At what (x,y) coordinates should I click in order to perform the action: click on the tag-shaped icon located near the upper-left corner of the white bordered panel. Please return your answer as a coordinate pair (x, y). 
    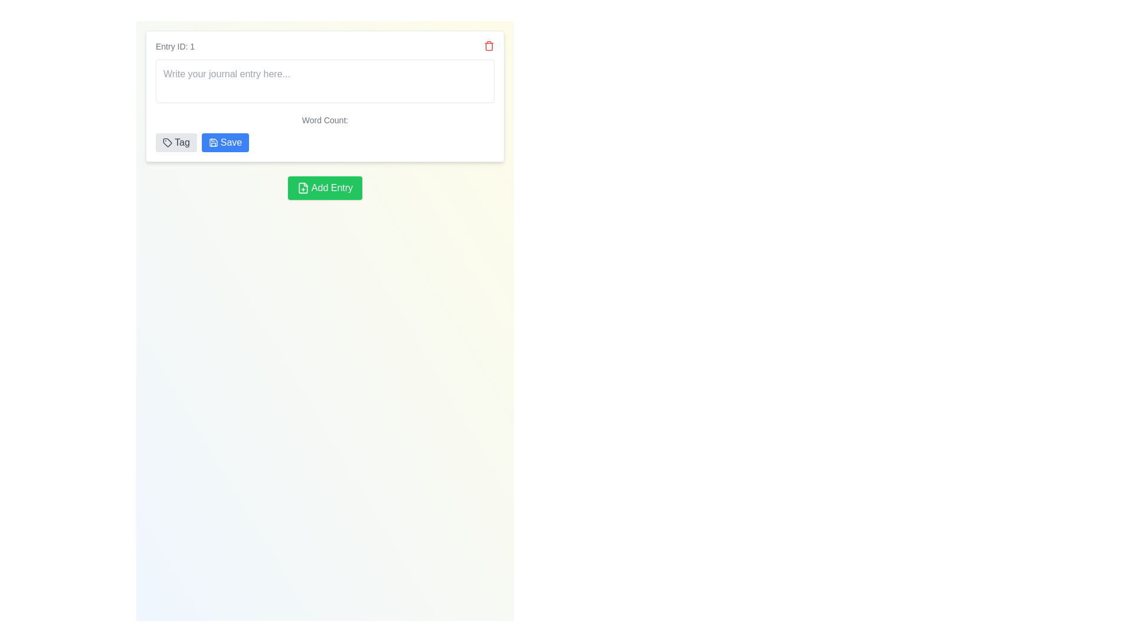
    Looking at the image, I should click on (166, 142).